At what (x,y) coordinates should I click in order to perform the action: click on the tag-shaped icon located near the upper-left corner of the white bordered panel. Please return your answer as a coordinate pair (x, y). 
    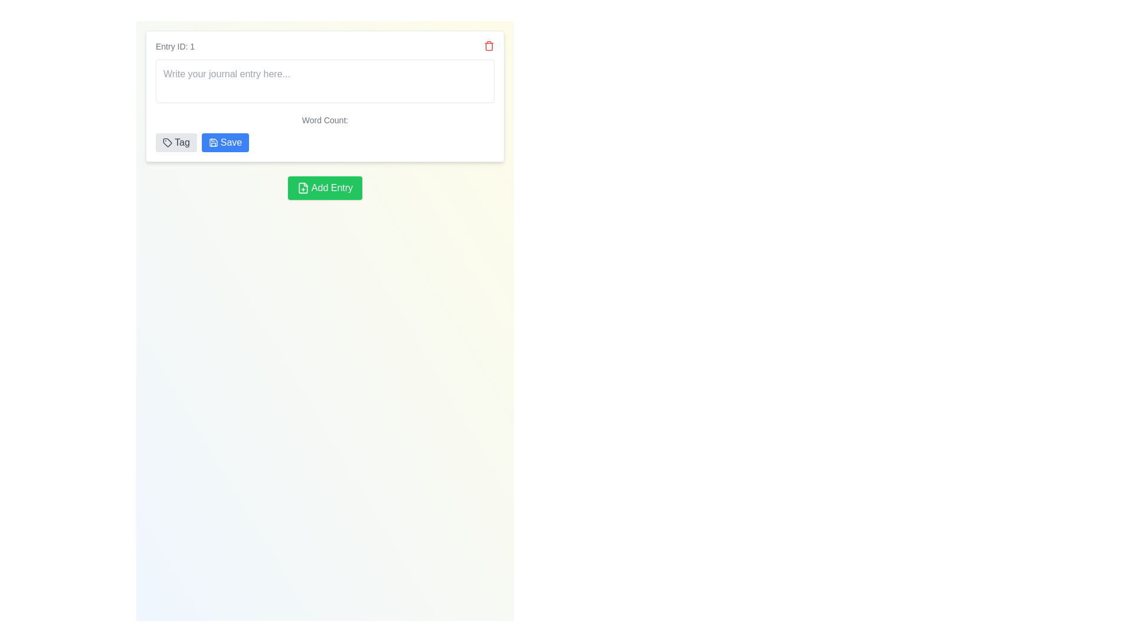
    Looking at the image, I should click on (166, 142).